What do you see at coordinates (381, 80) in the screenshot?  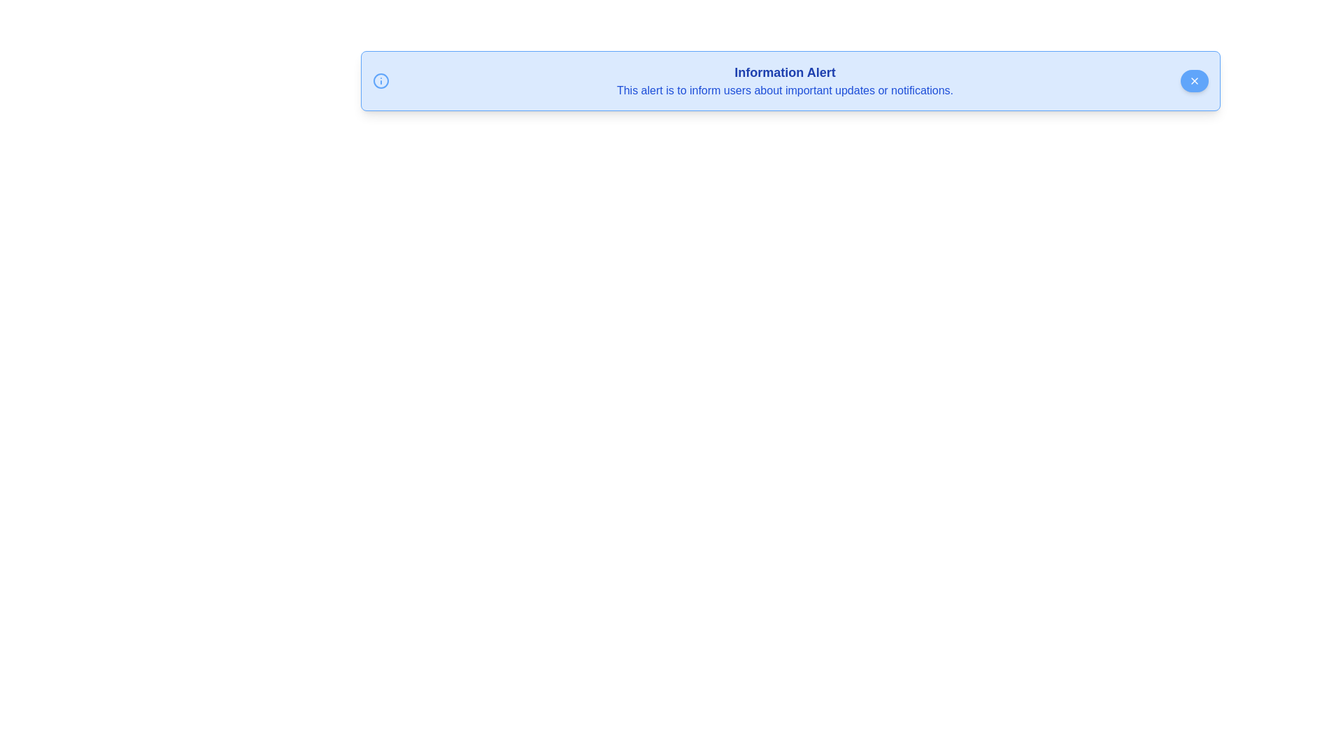 I see `the information icon in the alert` at bounding box center [381, 80].